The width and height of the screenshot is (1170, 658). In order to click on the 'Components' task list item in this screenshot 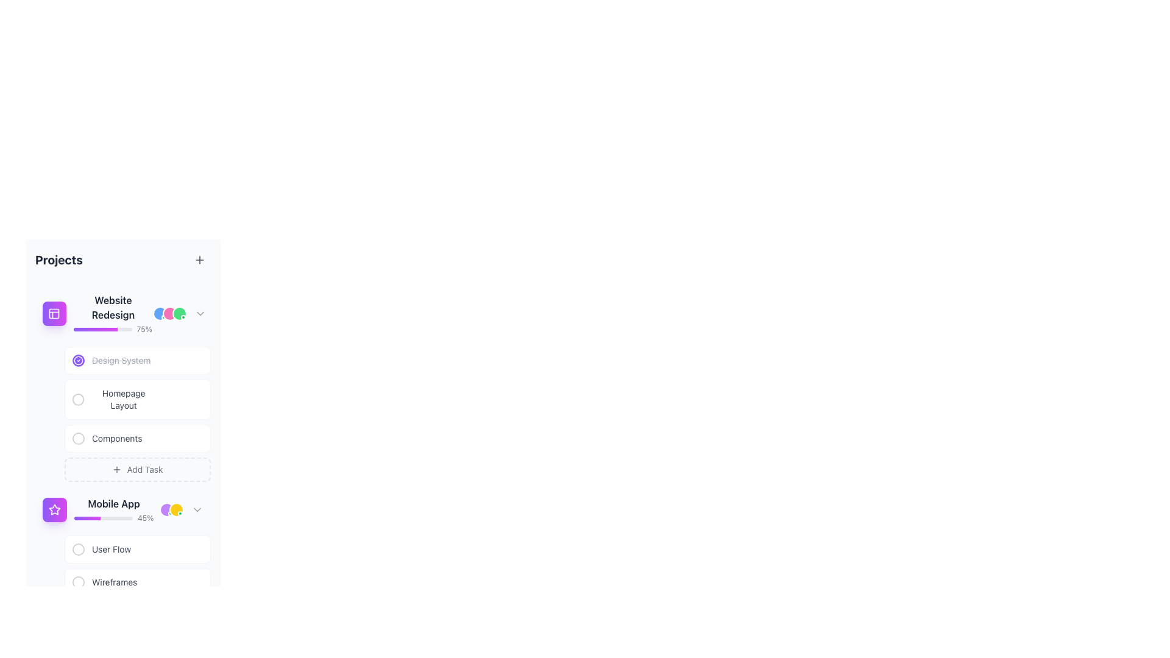, I will do `click(137, 439)`.